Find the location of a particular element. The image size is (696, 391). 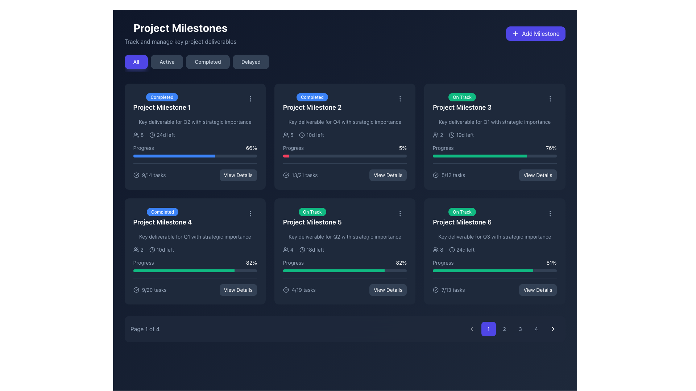

the user count text associated with the milestone on the 'Project Milestone 3' card, located in the second column, near '19d left', and adjacent to the user icon is located at coordinates (438, 135).